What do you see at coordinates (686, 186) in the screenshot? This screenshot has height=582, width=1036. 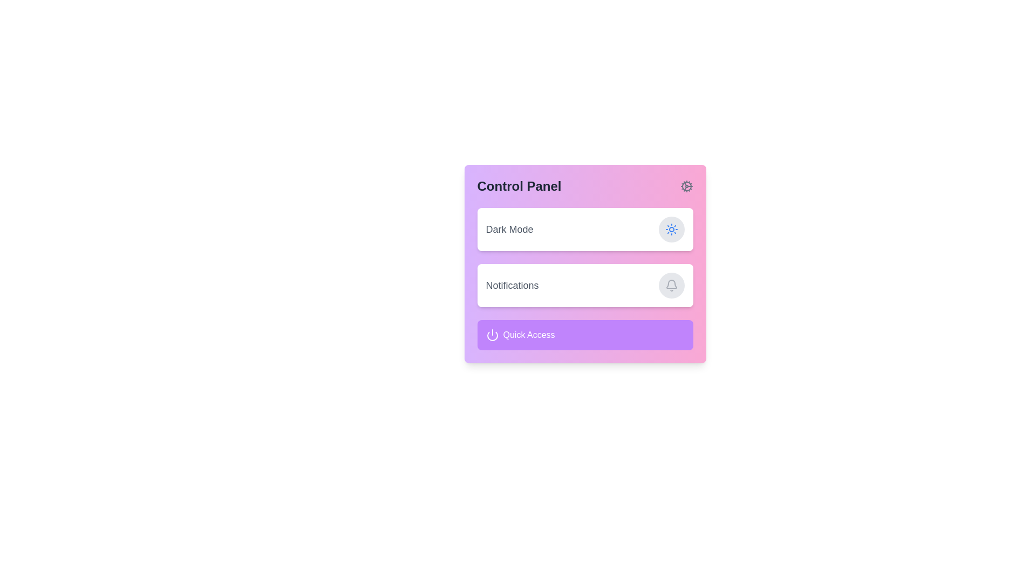 I see `the settings icon located in the top-right corner of the 'Control Panel' section` at bounding box center [686, 186].